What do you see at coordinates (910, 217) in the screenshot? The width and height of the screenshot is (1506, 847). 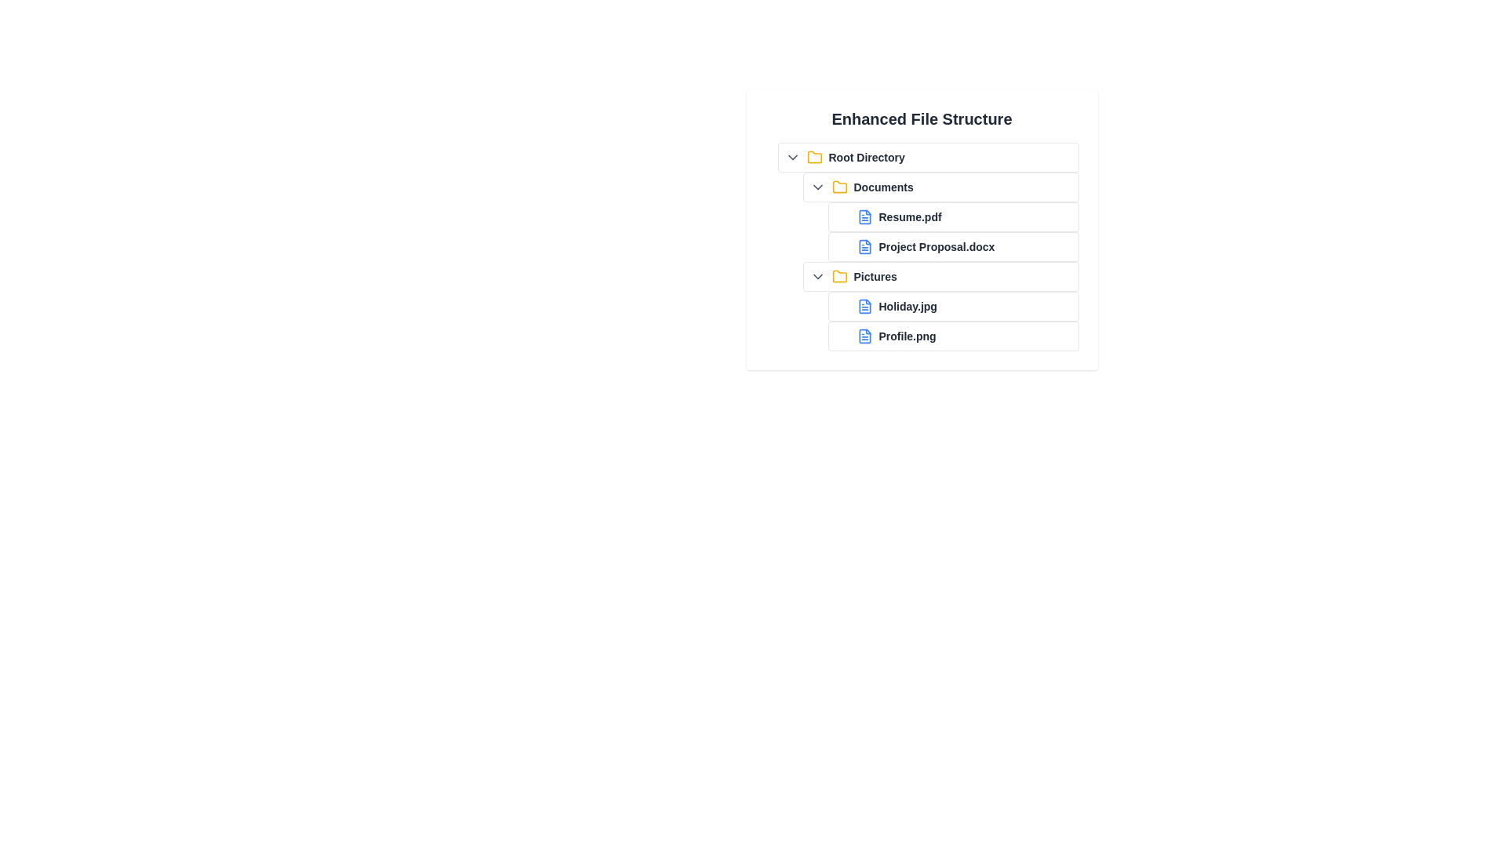 I see `to select the file labeled 'Resume.pdf' displayed in bold black font under the 'Documents' folder` at bounding box center [910, 217].